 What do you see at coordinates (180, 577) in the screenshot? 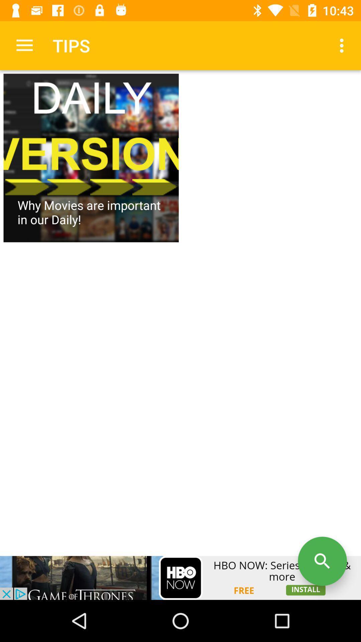
I see `hbo now advertisement` at bounding box center [180, 577].